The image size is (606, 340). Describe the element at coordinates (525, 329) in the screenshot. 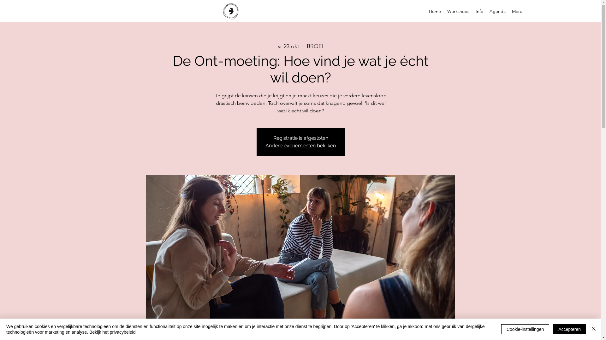

I see `'Cookie-instellingen'` at that location.